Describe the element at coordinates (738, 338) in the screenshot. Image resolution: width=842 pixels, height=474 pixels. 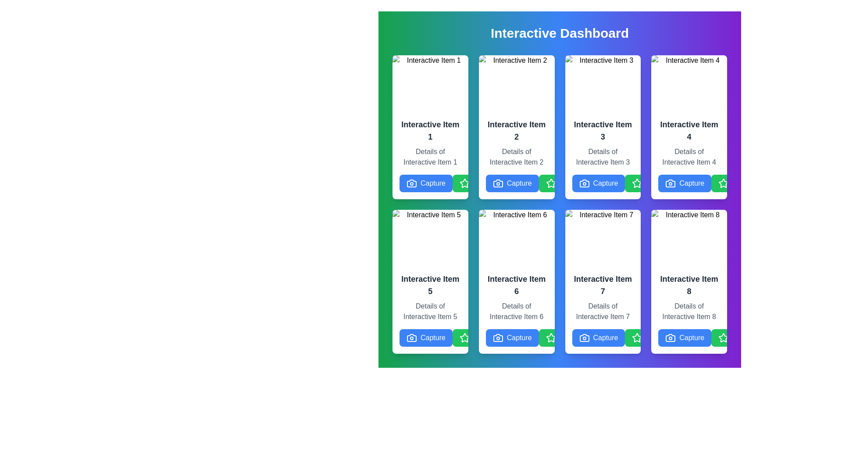
I see `the 'Favorite' button with a green background and white text` at that location.